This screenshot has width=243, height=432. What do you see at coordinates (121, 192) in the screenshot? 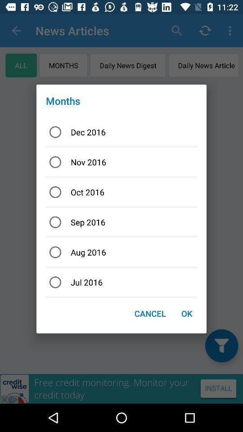
I see `item below nov 2016 item` at bounding box center [121, 192].